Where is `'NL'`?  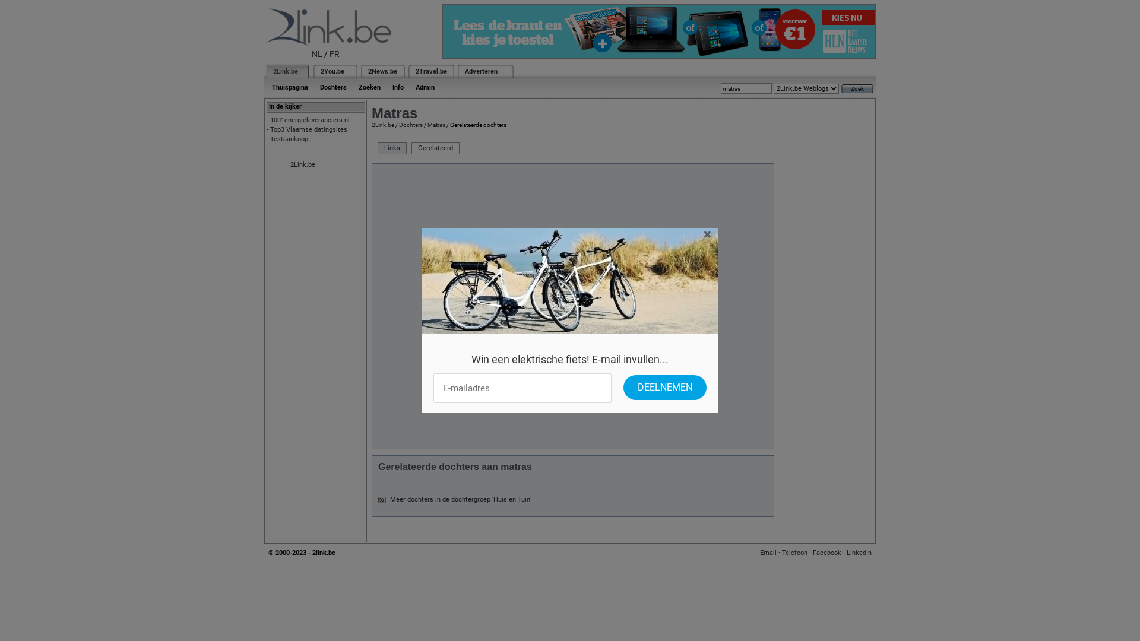 'NL' is located at coordinates (316, 54).